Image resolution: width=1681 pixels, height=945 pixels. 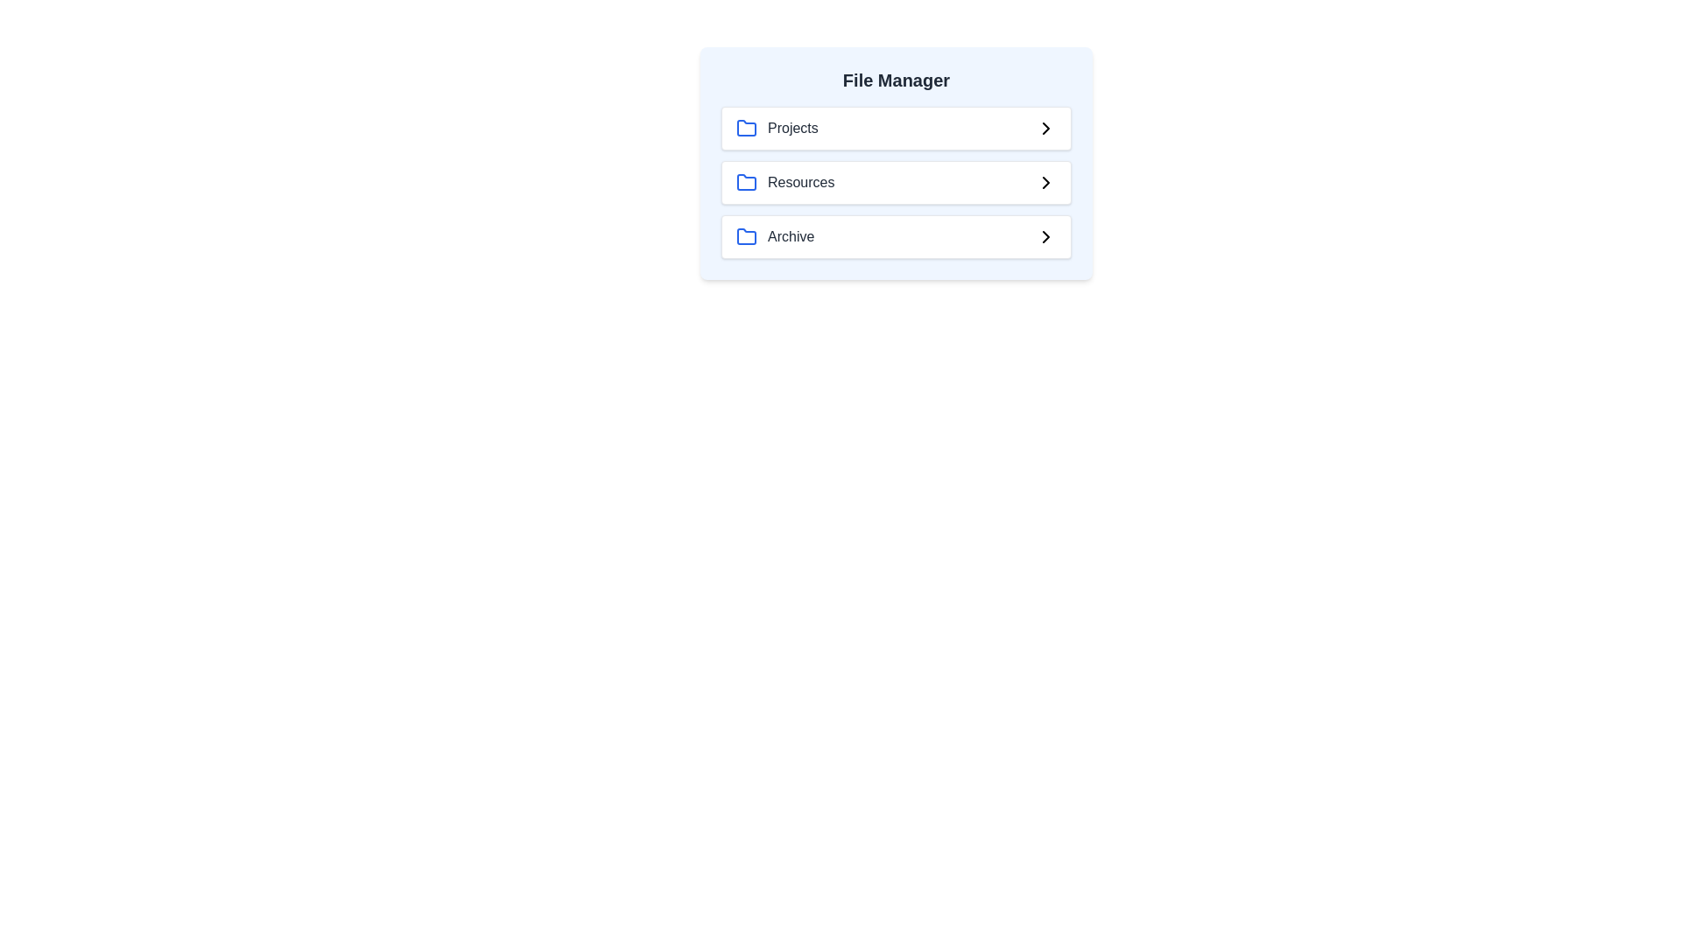 What do you see at coordinates (747, 236) in the screenshot?
I see `archive folder icon, which visually represents the grouping or storage of items, located to the left of the text label 'Archive'` at bounding box center [747, 236].